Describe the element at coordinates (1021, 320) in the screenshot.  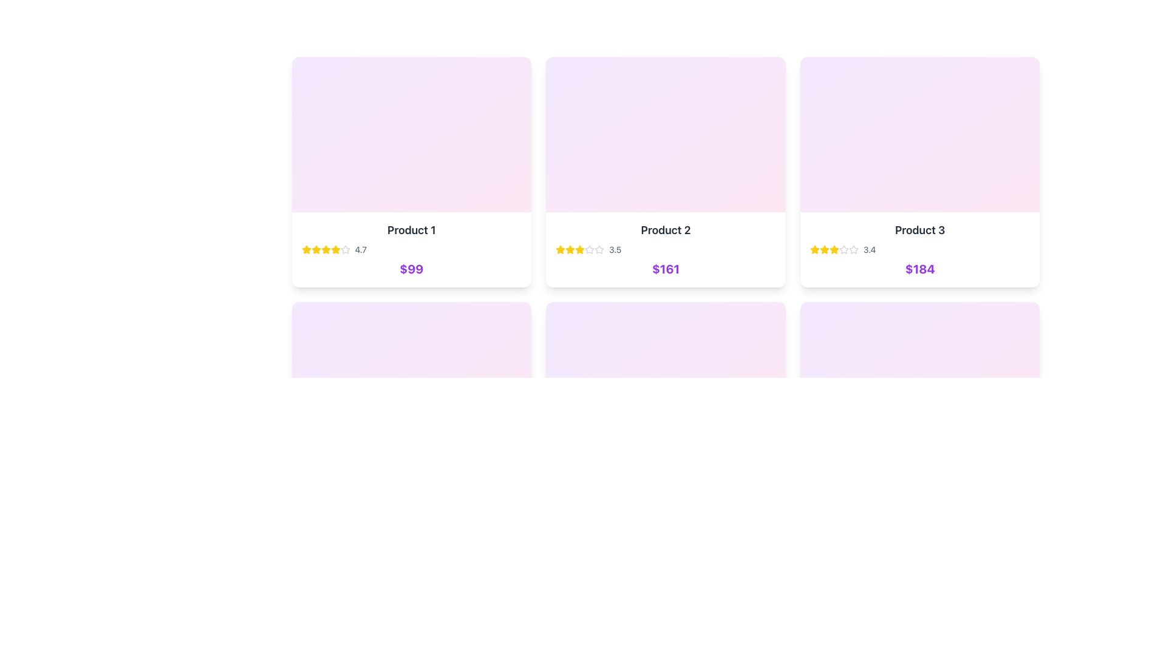
I see `the eye-like SVG Icon located at the center of a circular button in the bottom-right corner of the Product 3 card` at that location.